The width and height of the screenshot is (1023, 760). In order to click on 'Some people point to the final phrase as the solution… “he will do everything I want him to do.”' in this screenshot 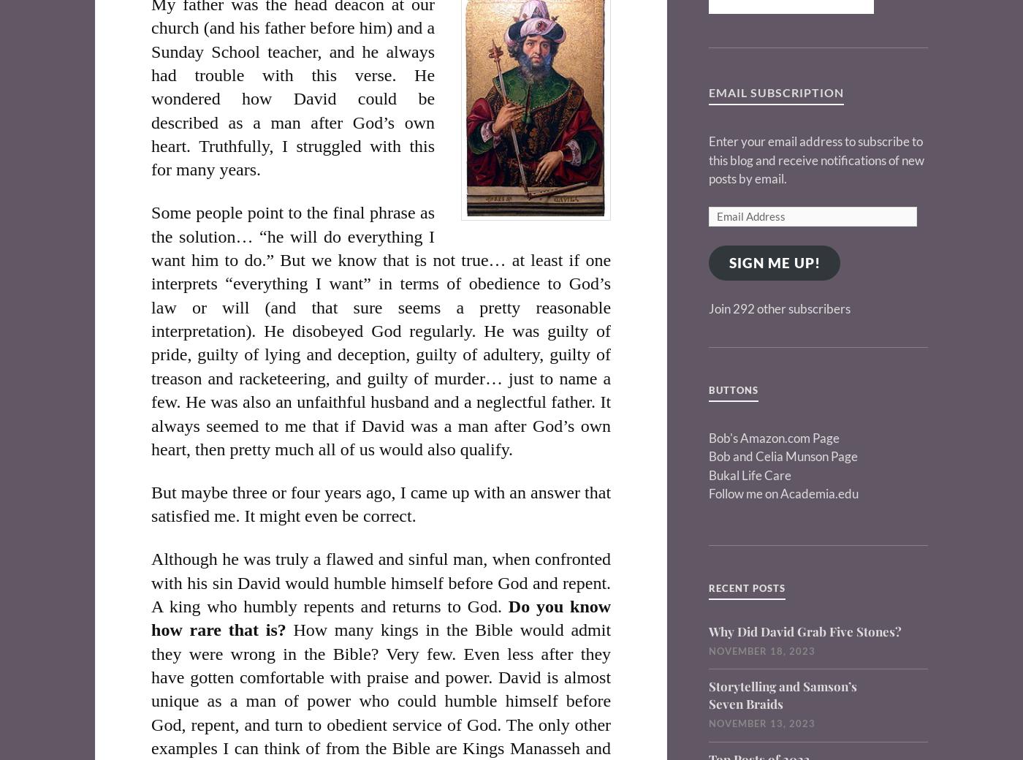, I will do `click(292, 235)`.